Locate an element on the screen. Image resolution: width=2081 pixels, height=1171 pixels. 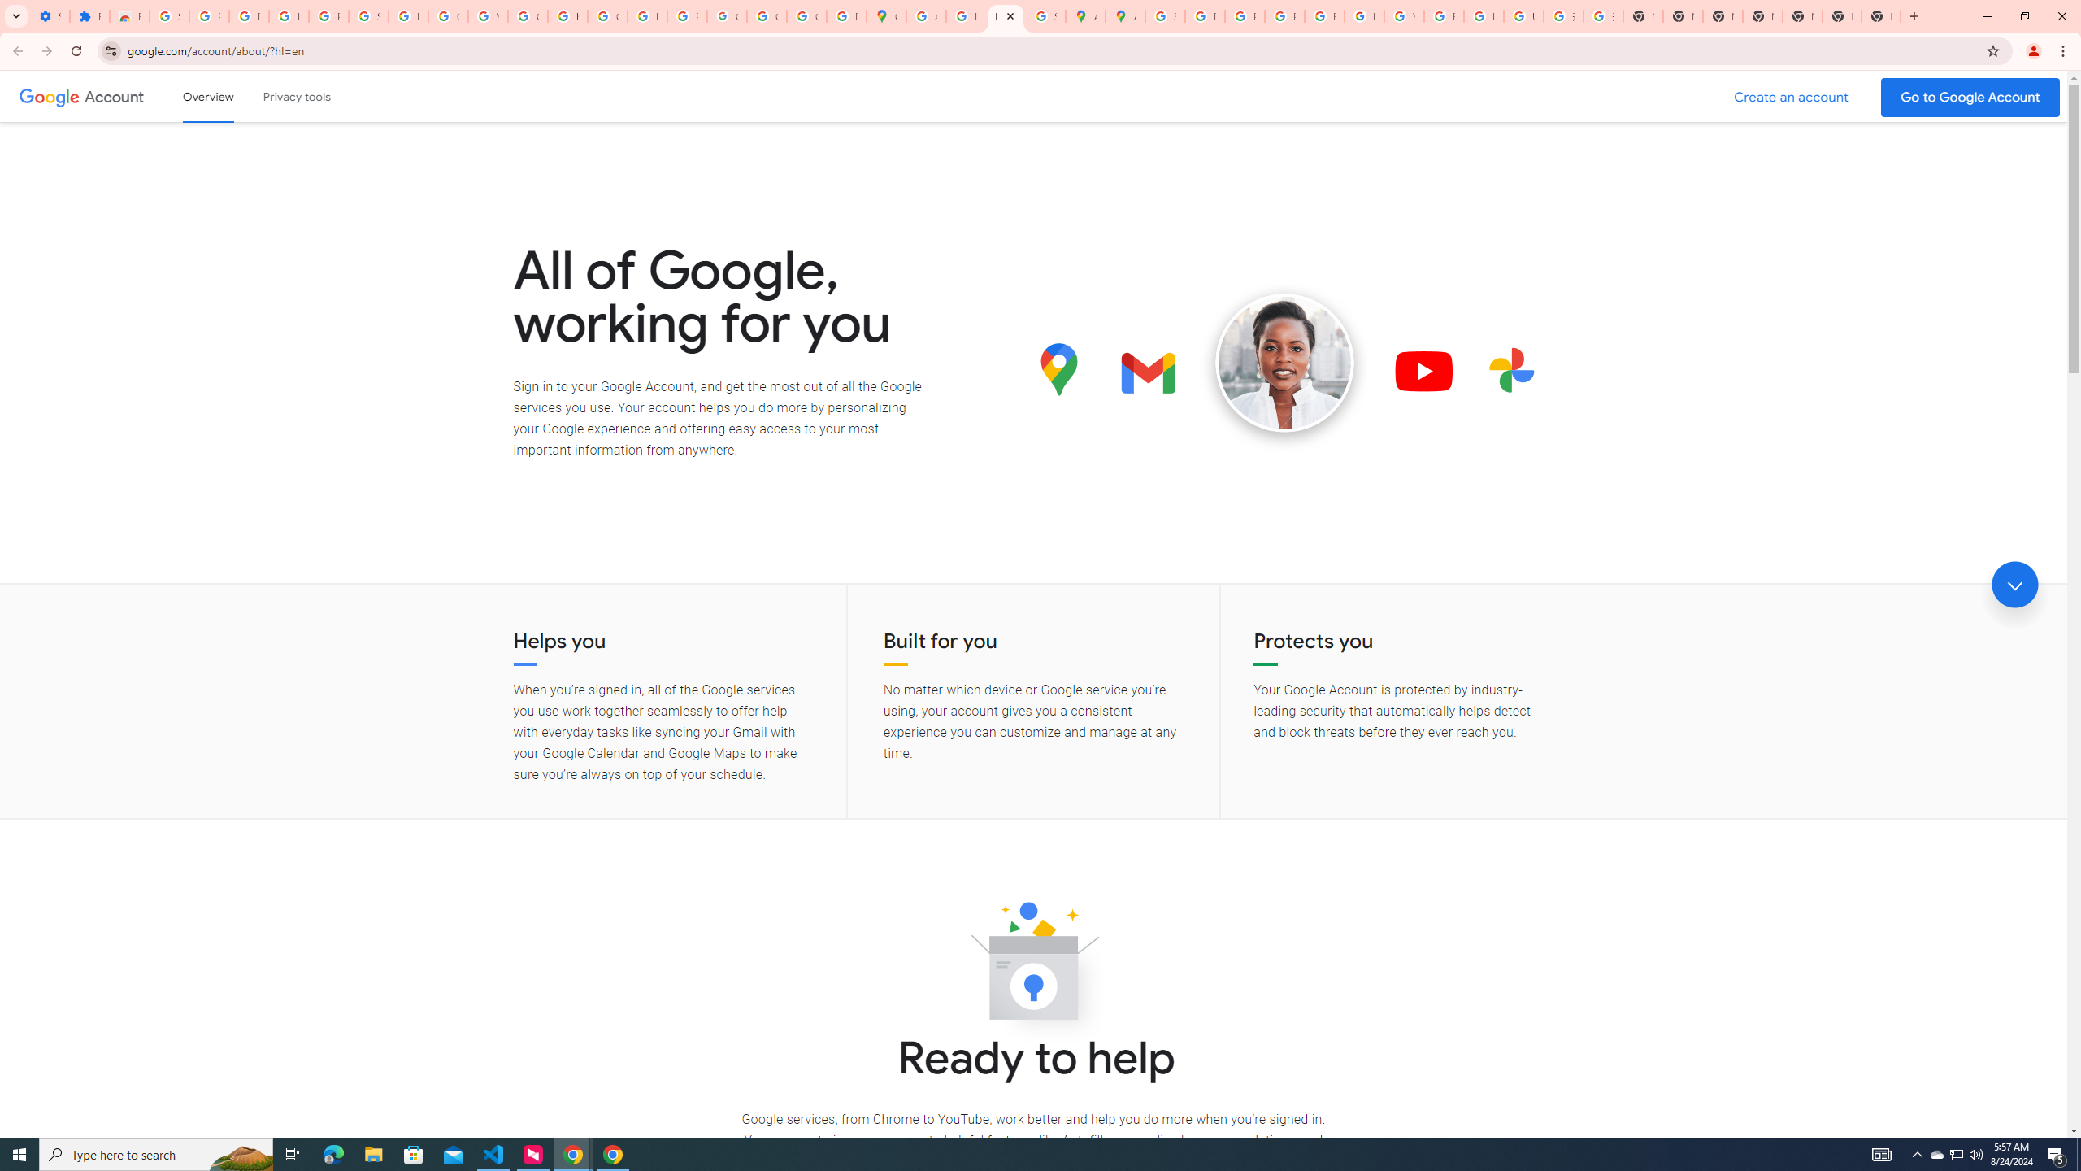
'Reviews: Helix Fruit Jump Arcade Game' is located at coordinates (128, 15).